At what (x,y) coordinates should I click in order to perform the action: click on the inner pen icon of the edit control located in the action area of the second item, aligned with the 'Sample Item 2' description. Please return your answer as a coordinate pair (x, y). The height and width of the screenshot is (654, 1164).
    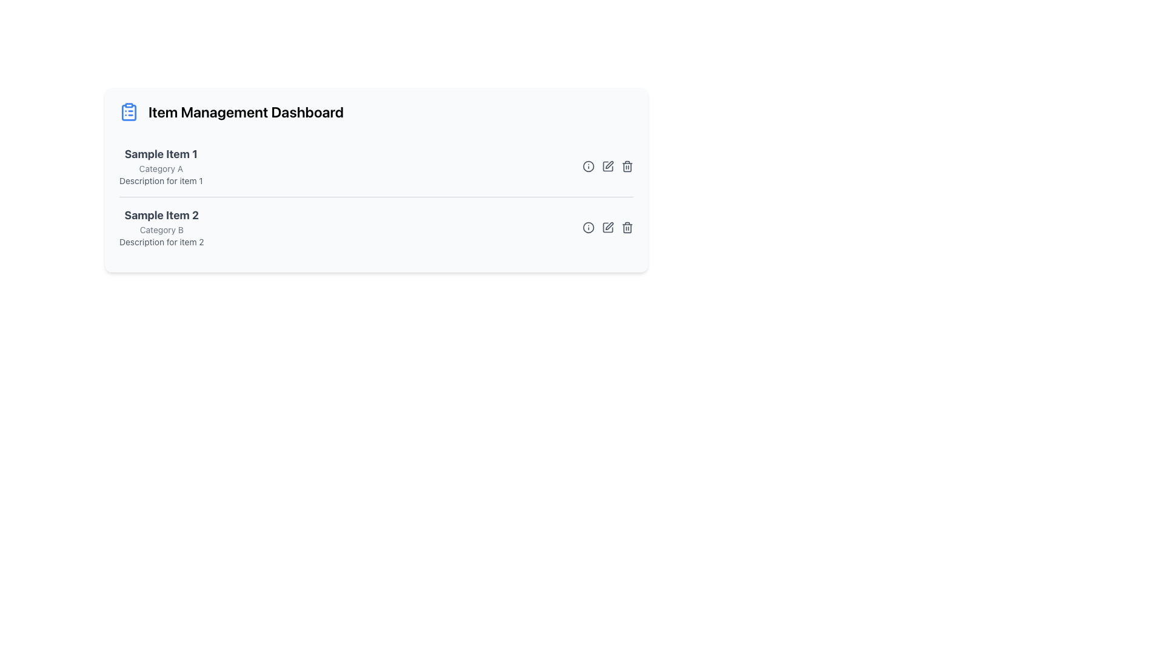
    Looking at the image, I should click on (609, 226).